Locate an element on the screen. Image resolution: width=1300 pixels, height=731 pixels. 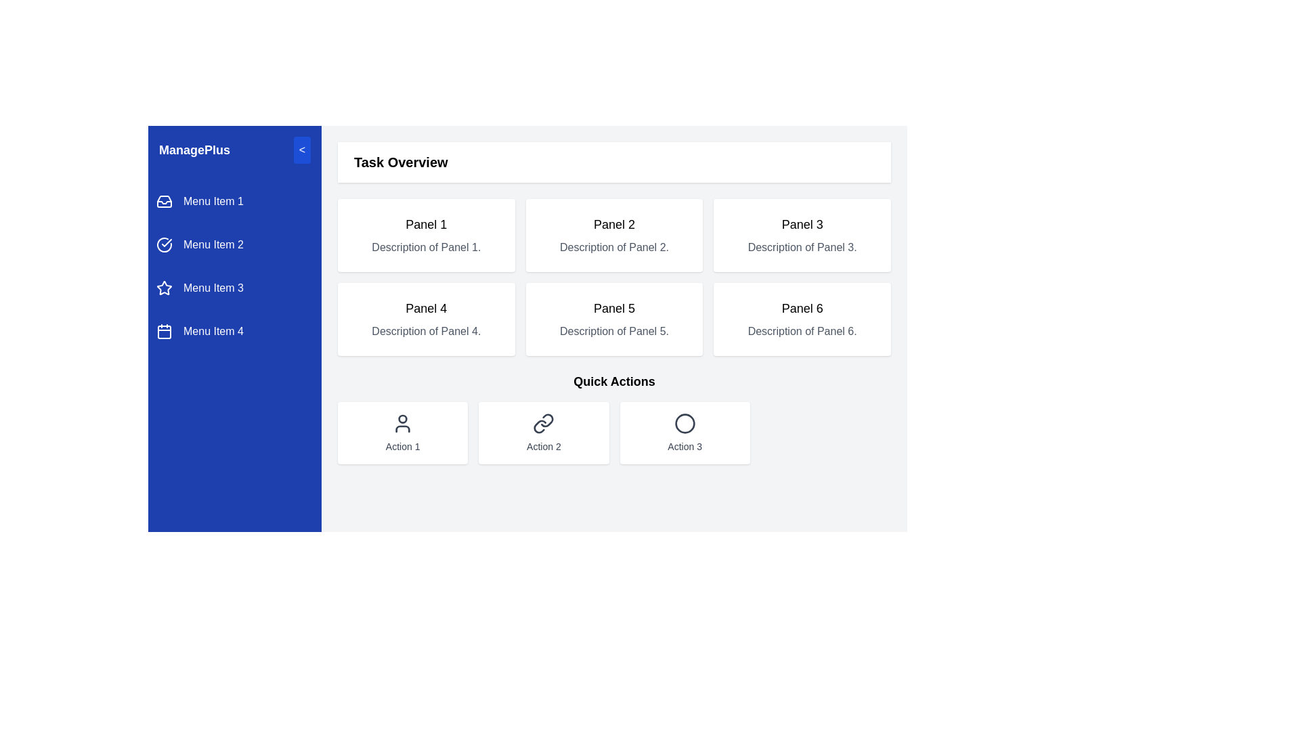
'Panel 2', the second informational card in the top row of the grid, to interact with it is located at coordinates (613, 234).